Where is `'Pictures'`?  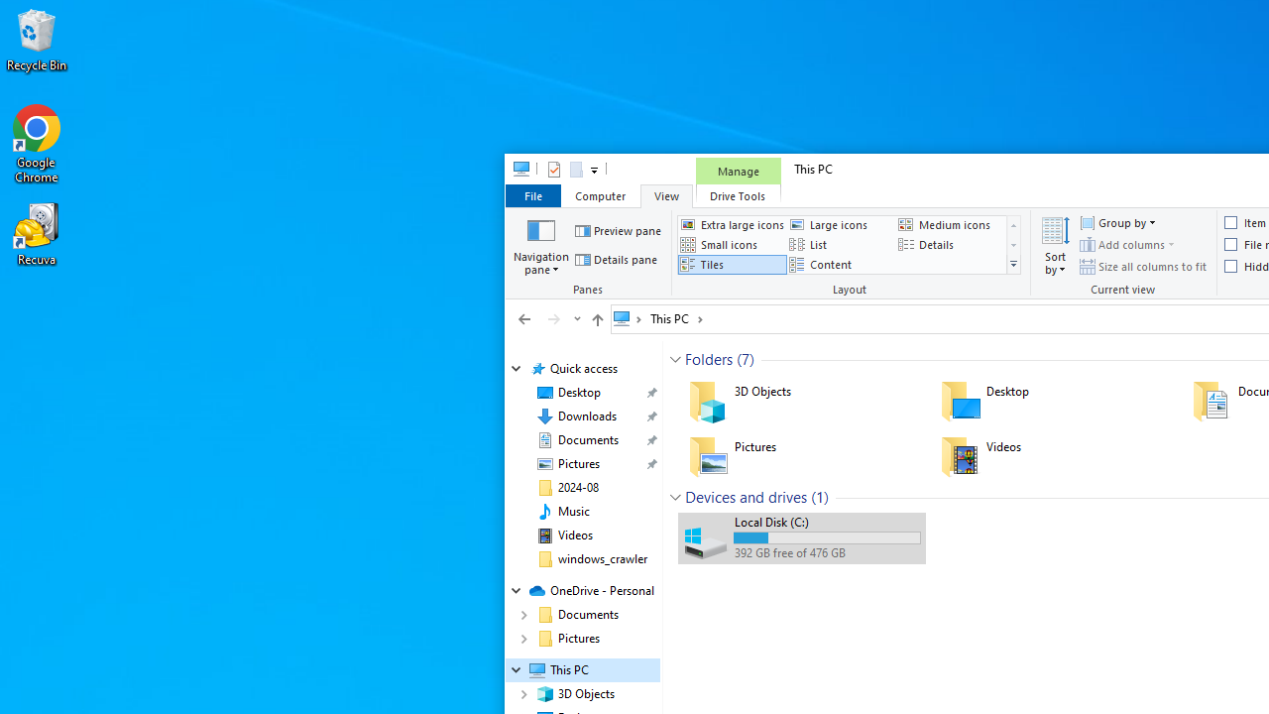 'Pictures' is located at coordinates (801, 456).